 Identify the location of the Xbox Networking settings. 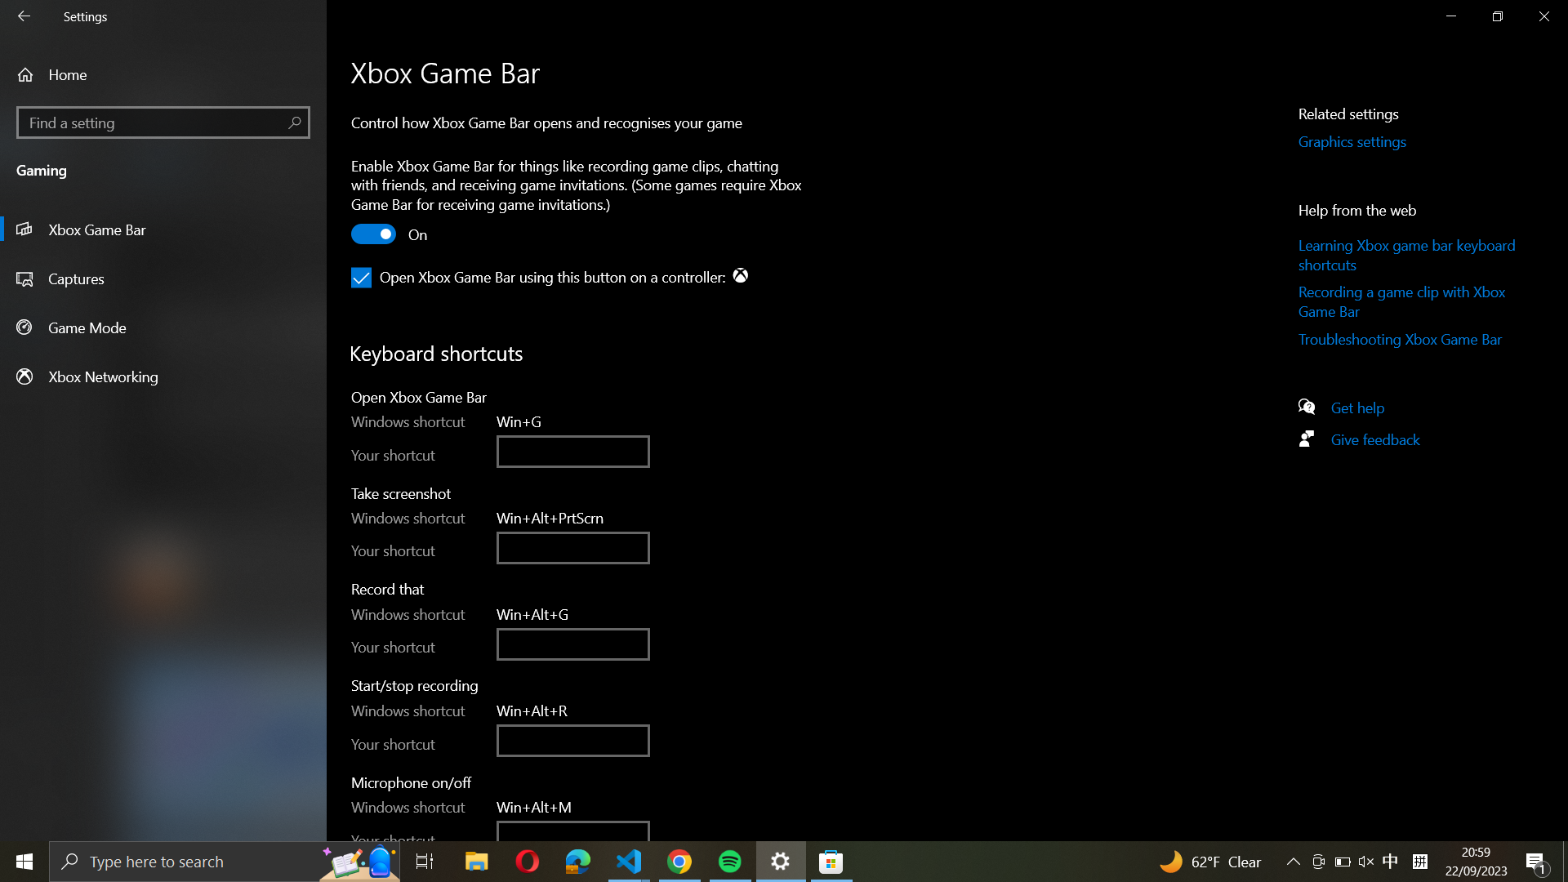
(163, 376).